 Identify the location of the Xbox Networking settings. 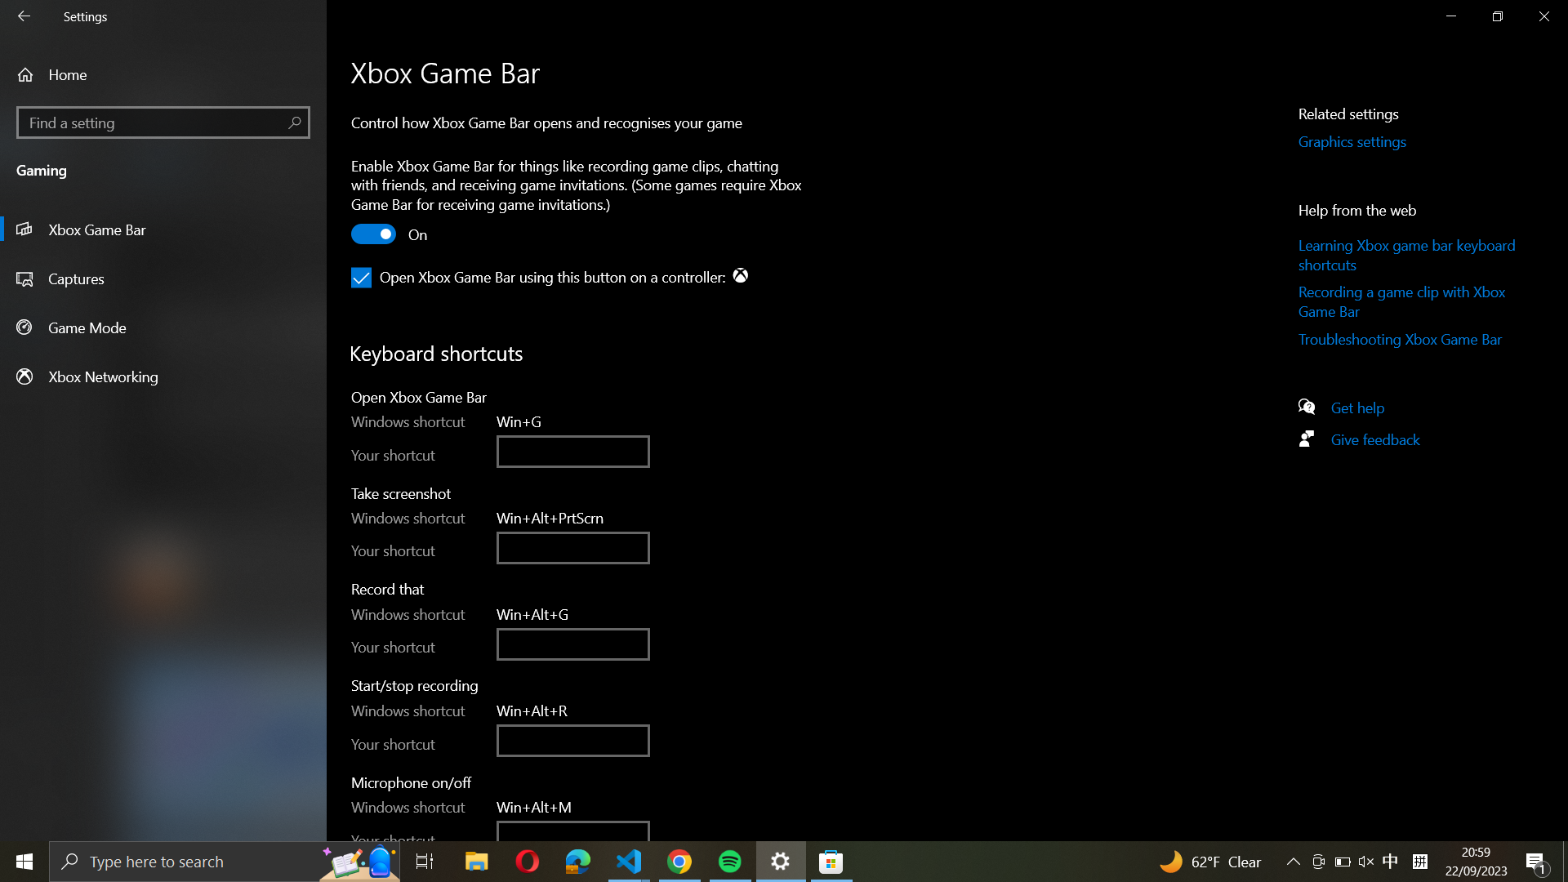
(163, 376).